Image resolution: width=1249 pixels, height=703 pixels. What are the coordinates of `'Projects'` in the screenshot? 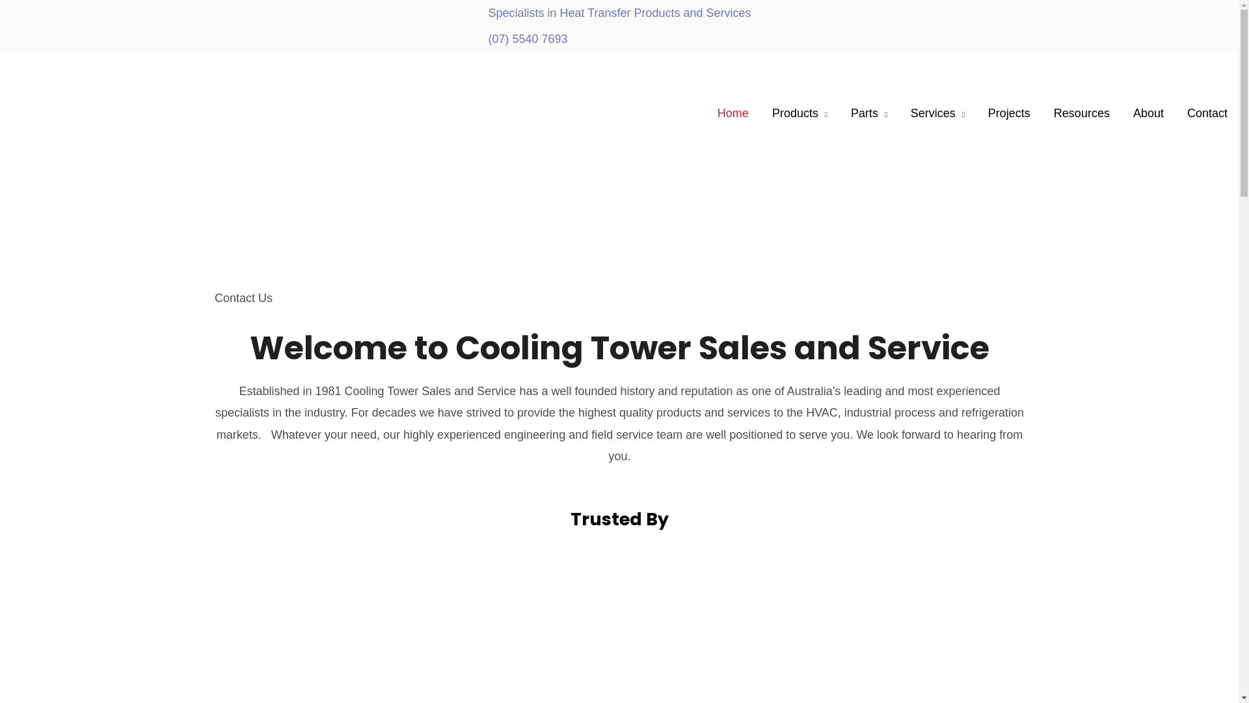 It's located at (1008, 112).